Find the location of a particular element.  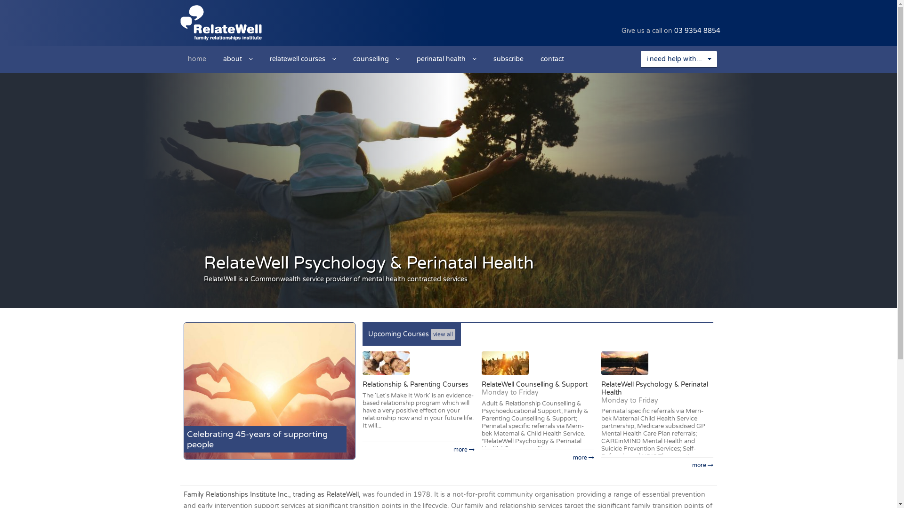

'perinatal health' is located at coordinates (445, 58).